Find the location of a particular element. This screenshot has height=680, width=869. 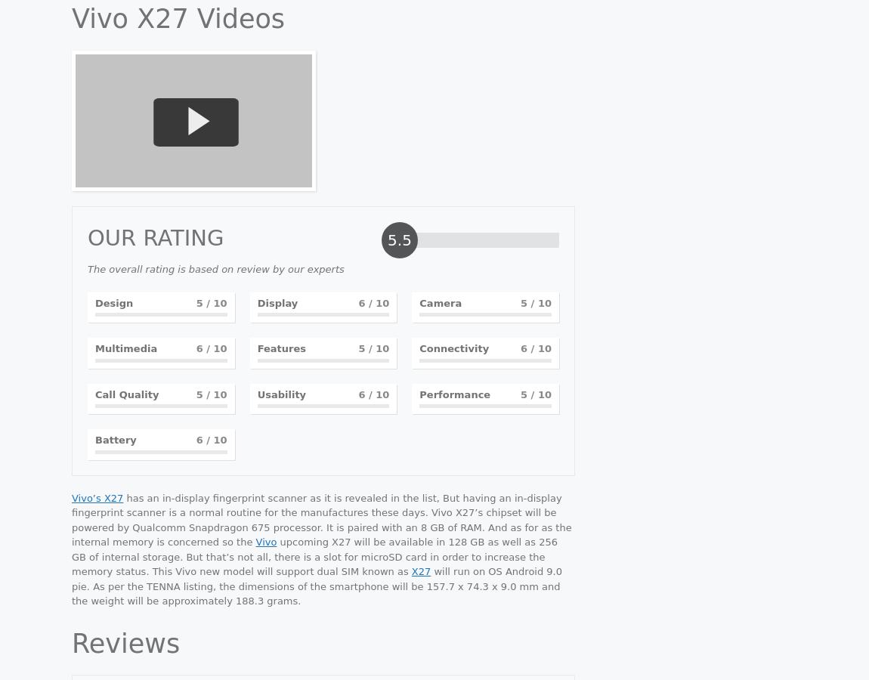

'Battery' is located at coordinates (114, 440).